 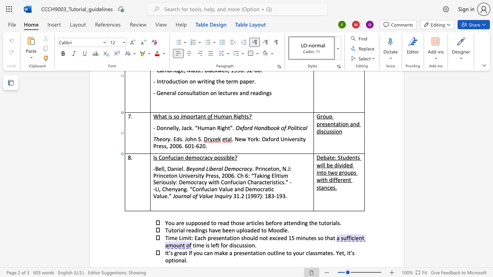 I want to click on the space between the continuous character "c" and "y" in the text, so click(x=249, y=168).